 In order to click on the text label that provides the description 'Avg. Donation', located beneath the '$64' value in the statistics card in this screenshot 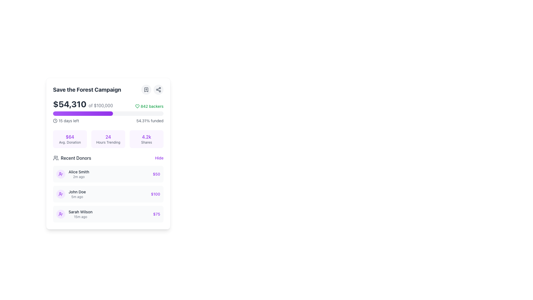, I will do `click(70, 142)`.